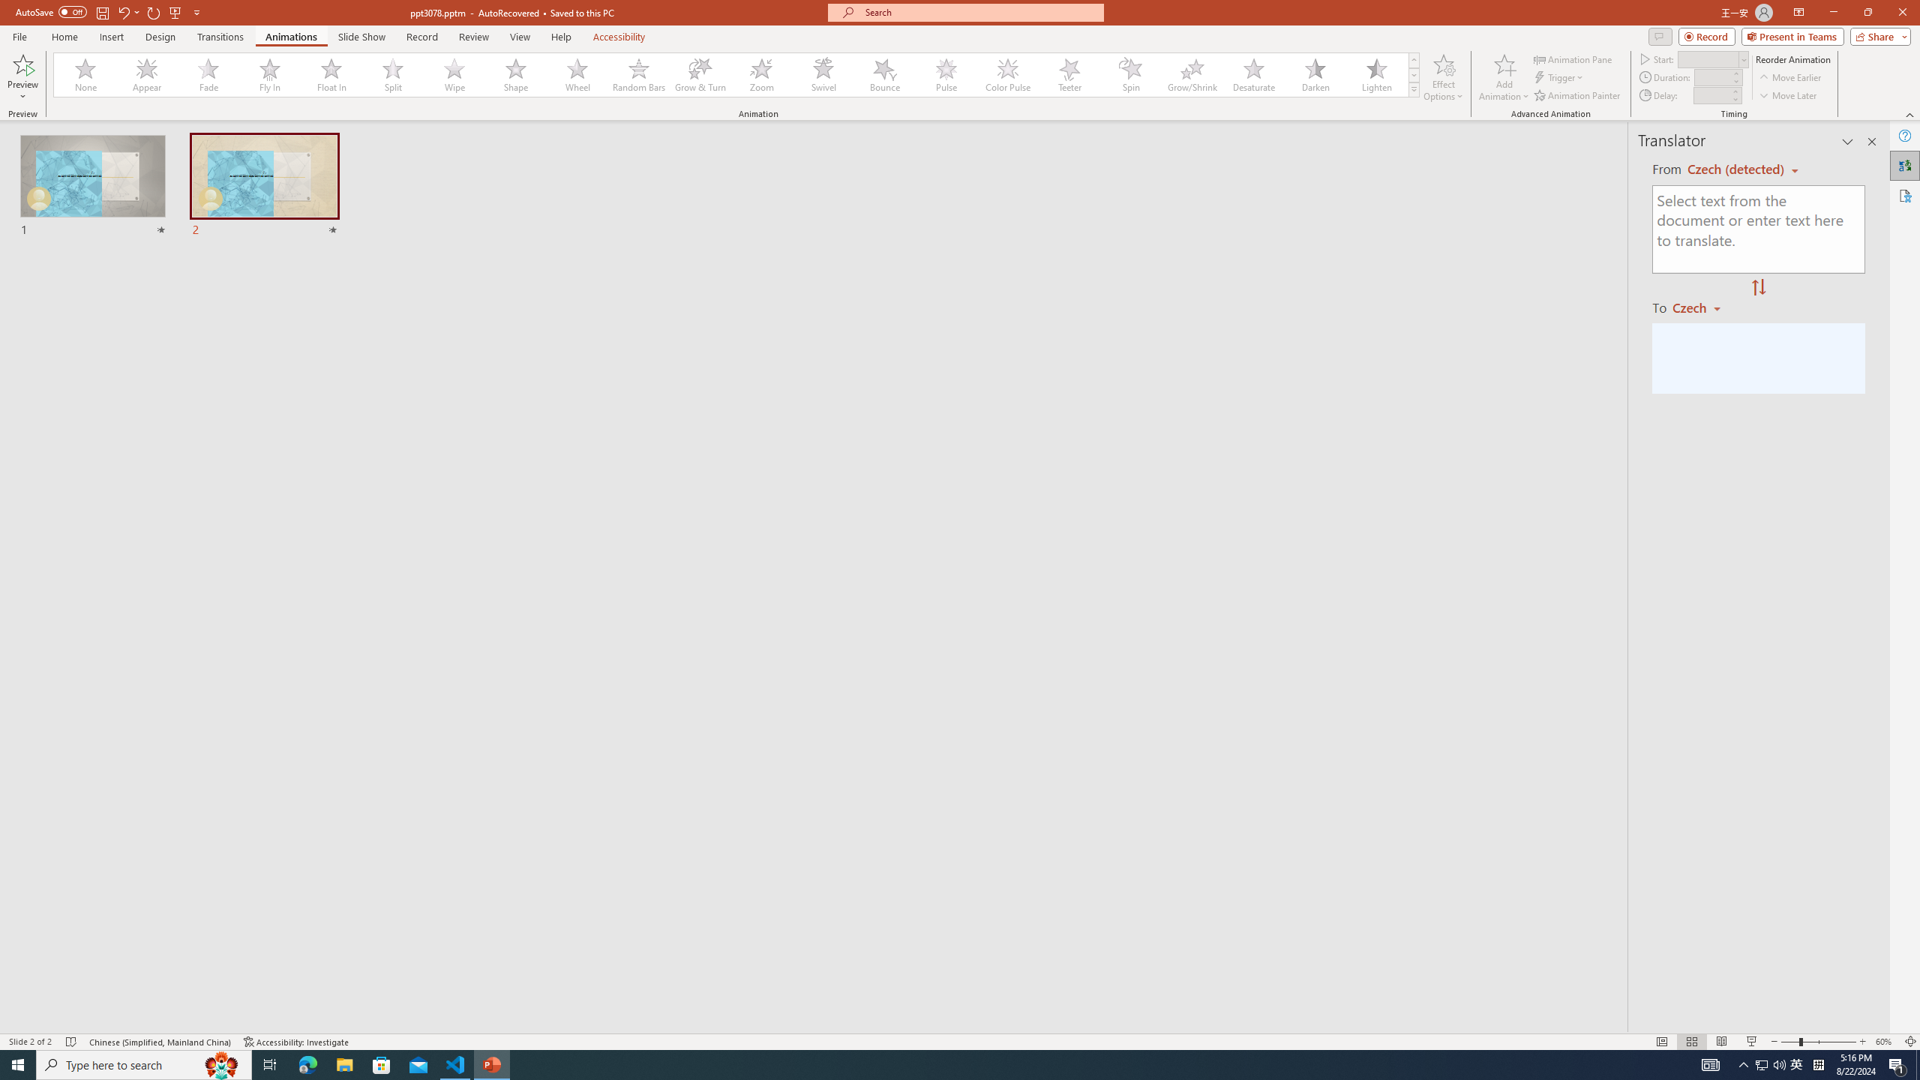 The width and height of the screenshot is (1920, 1080). What do you see at coordinates (700, 74) in the screenshot?
I see `'Grow & Turn'` at bounding box center [700, 74].